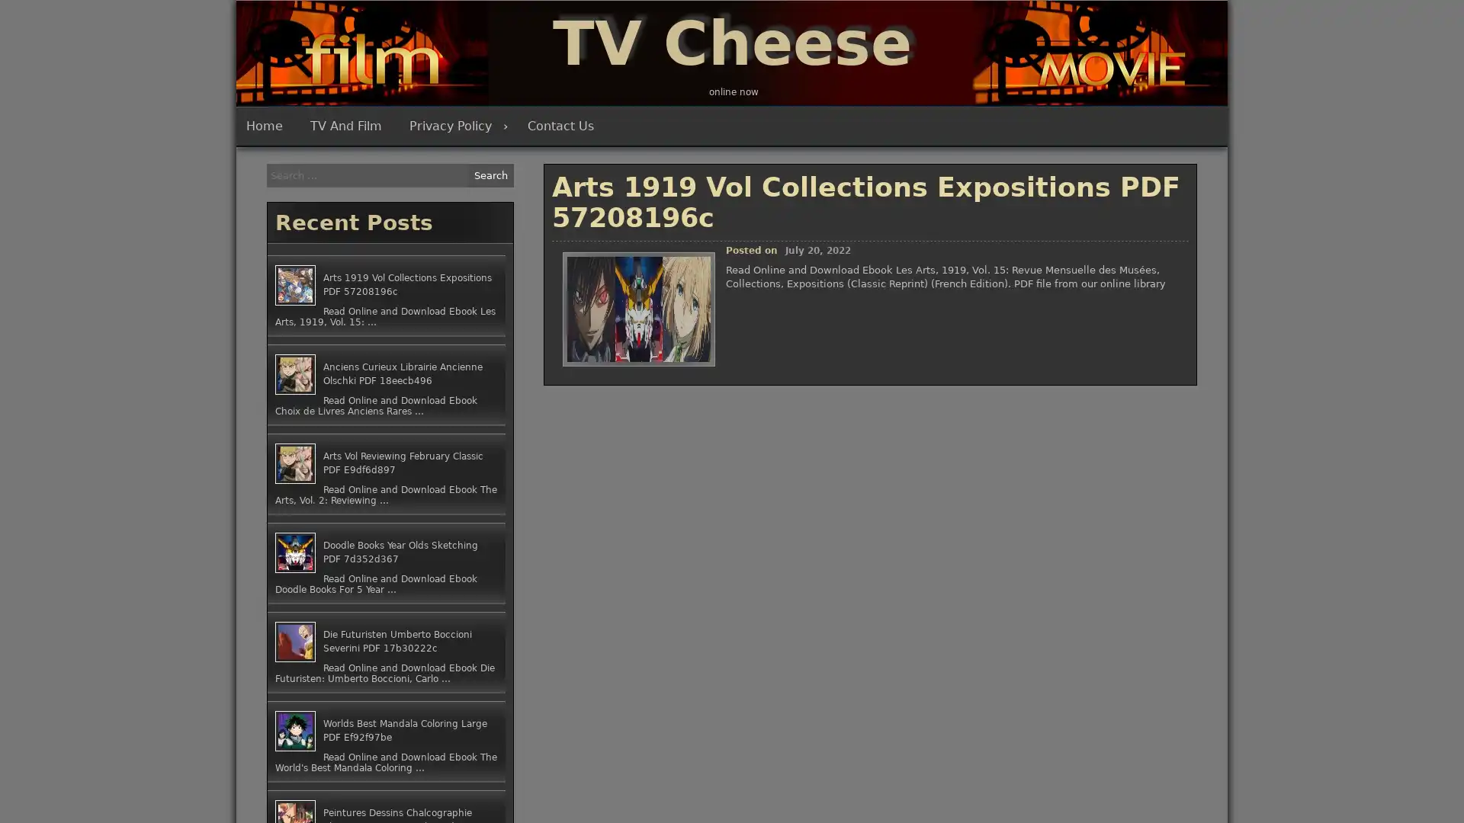 The image size is (1464, 823). What do you see at coordinates (490, 175) in the screenshot?
I see `Search` at bounding box center [490, 175].